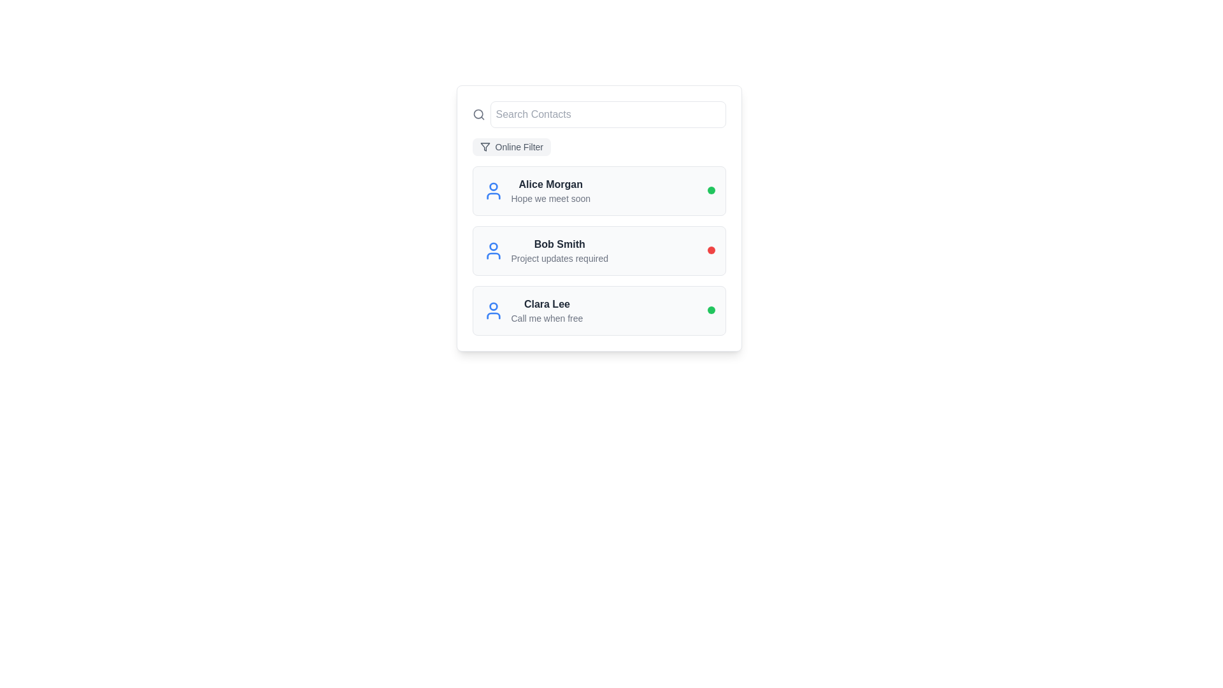  Describe the element at coordinates (545, 250) in the screenshot. I see `the contact entry for Bob Smith` at that location.